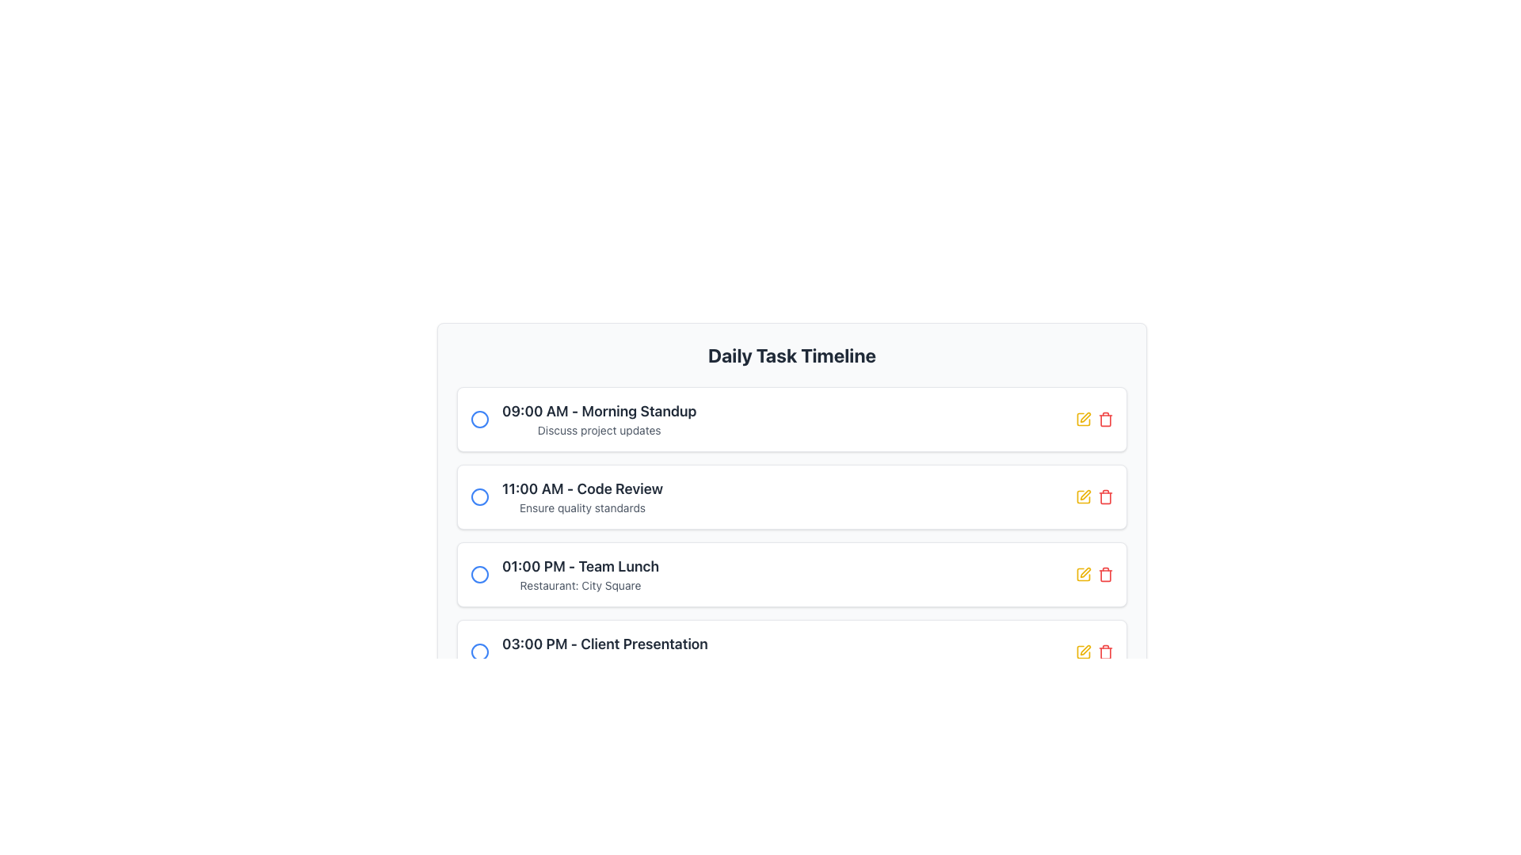  I want to click on the static text label displaying 'Ensure quality standards', which is located directly below '11:00 AM - Code Review' in the daily task timeline, so click(581, 507).